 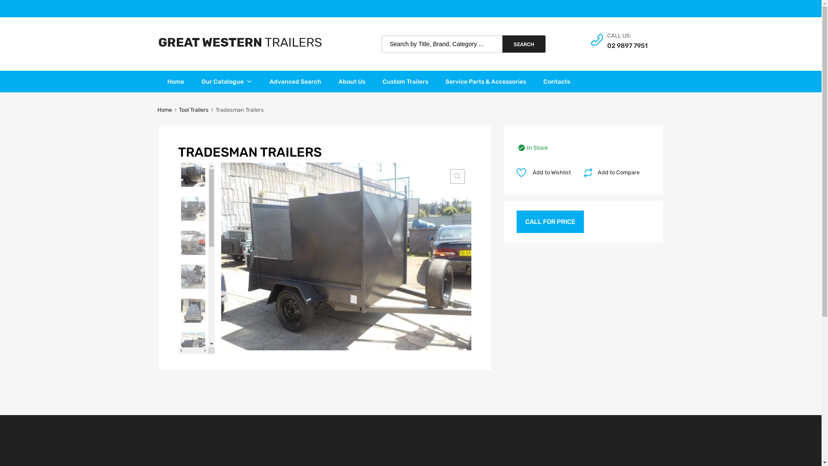 What do you see at coordinates (546, 173) in the screenshot?
I see `'Add to Wishlist'` at bounding box center [546, 173].